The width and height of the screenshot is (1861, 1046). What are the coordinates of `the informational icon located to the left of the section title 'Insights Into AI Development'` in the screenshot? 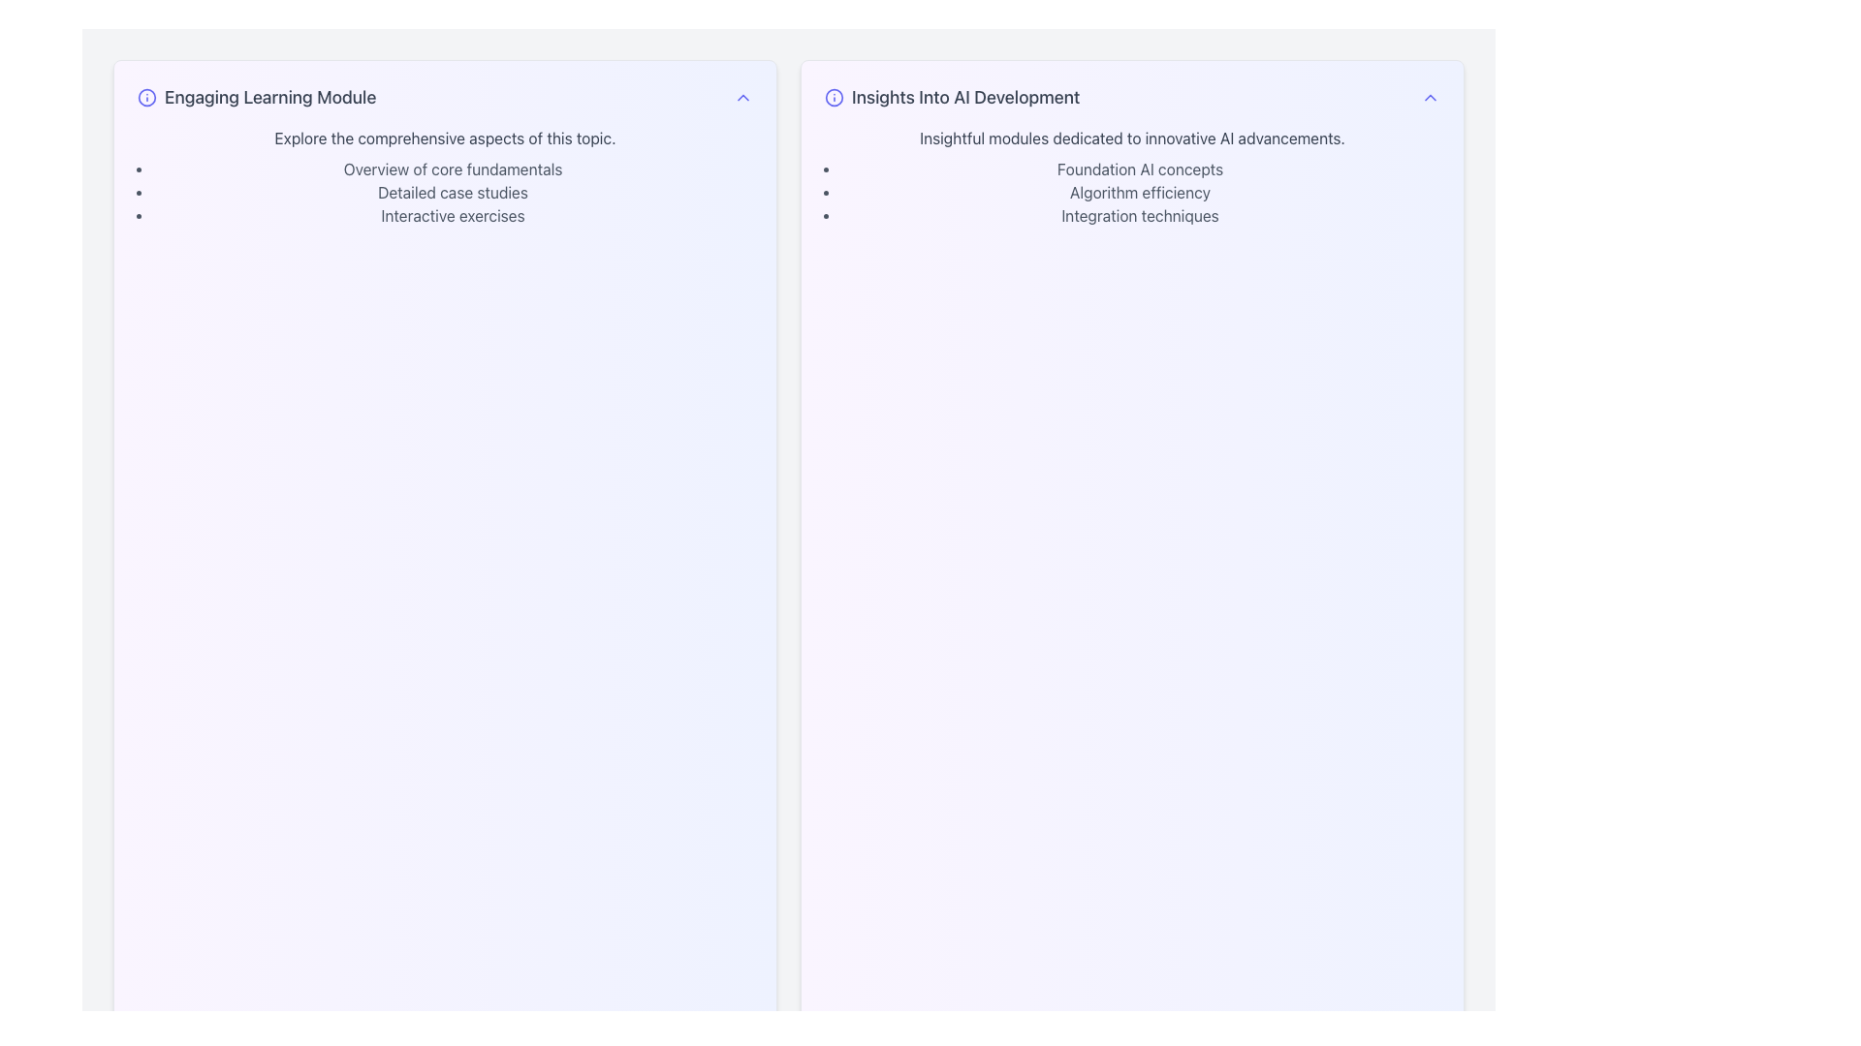 It's located at (834, 97).